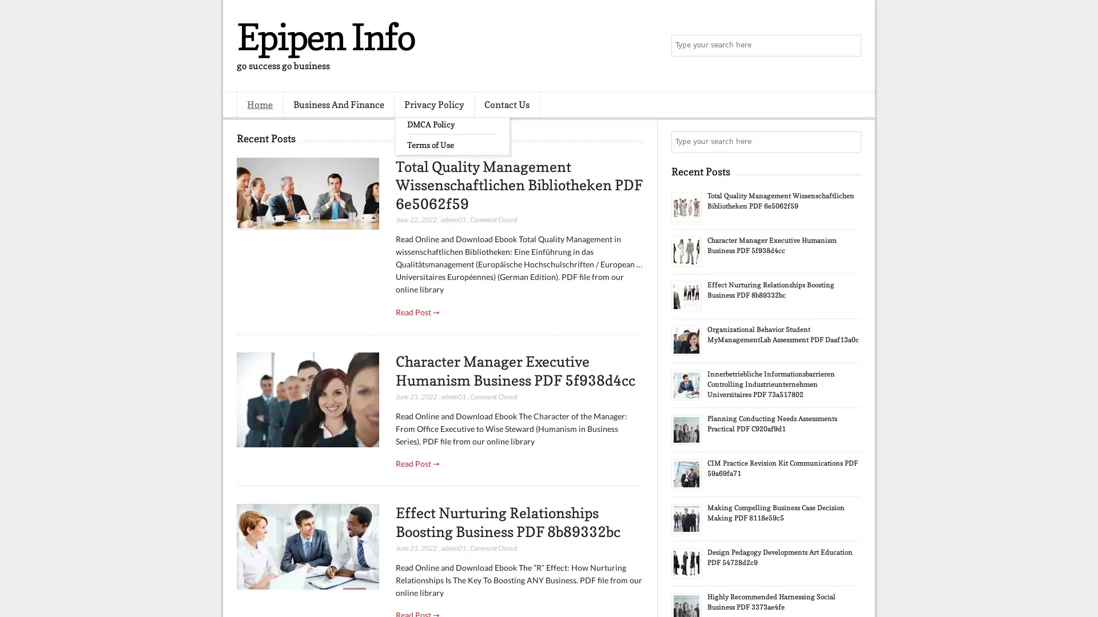 The height and width of the screenshot is (617, 1098). I want to click on Search, so click(849, 46).